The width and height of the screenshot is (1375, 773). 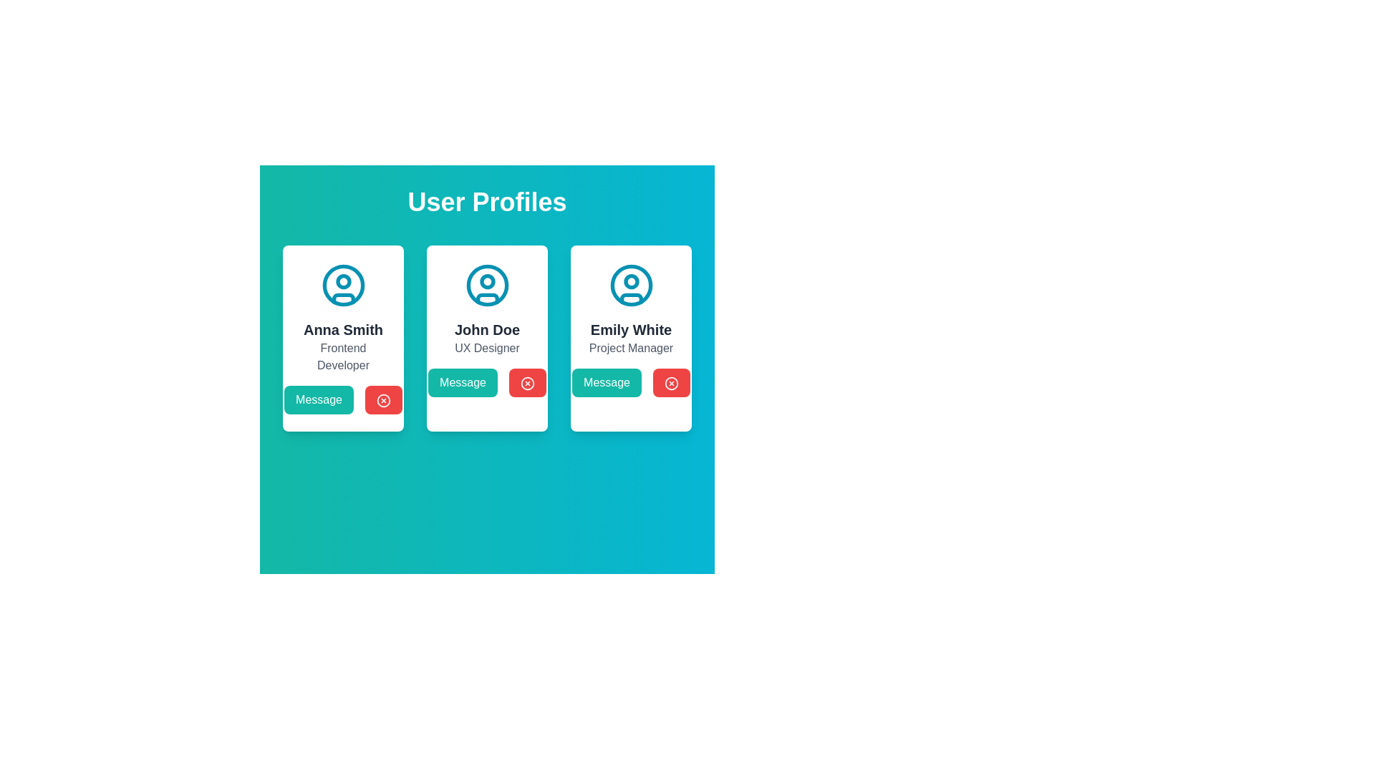 What do you see at coordinates (342, 400) in the screenshot?
I see `the rectangular teal button labeled 'Message' to observe any visual feedback` at bounding box center [342, 400].